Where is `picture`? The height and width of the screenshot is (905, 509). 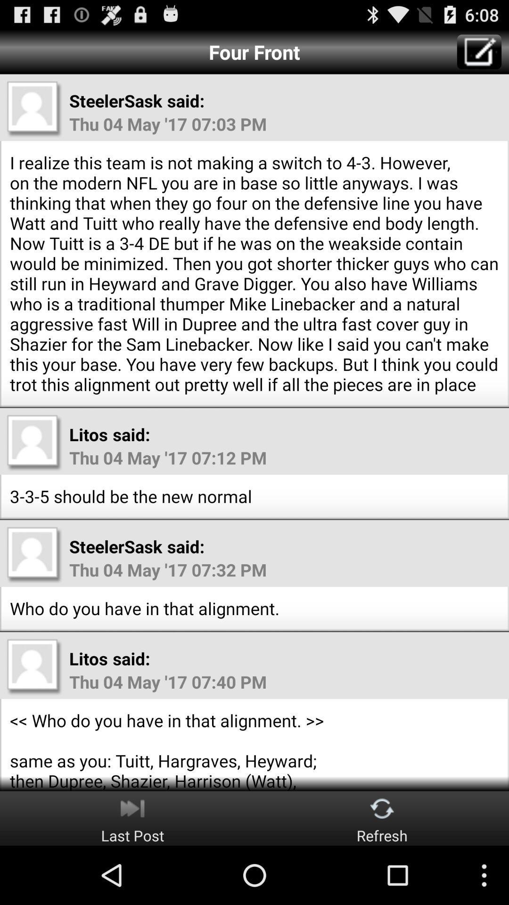
picture is located at coordinates (34, 554).